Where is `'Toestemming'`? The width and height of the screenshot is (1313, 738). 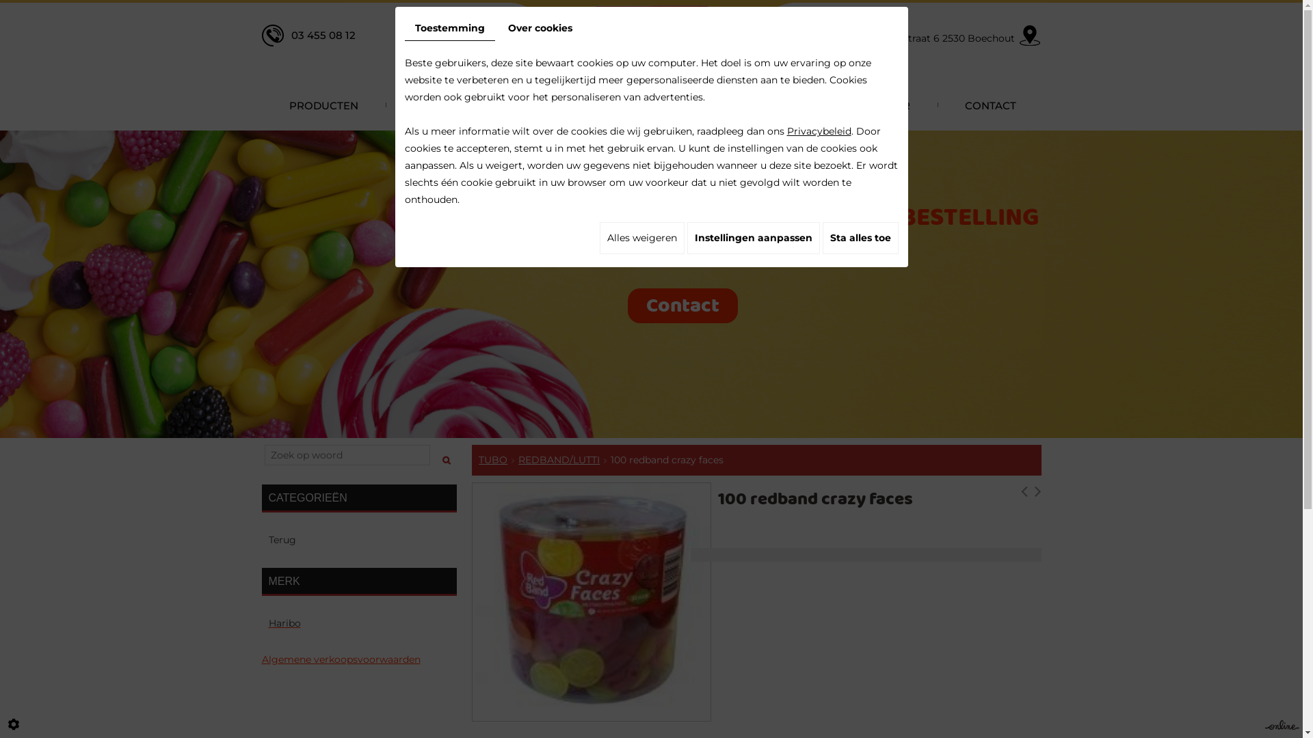 'Toestemming' is located at coordinates (449, 29).